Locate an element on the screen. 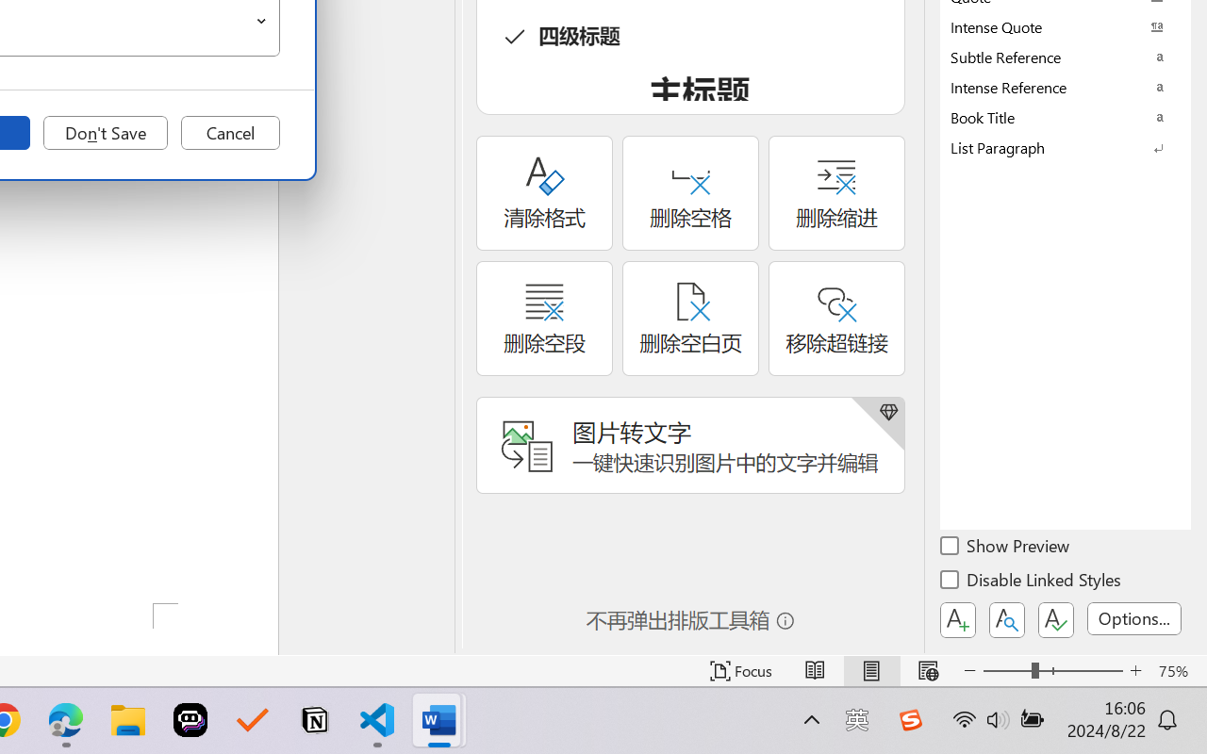 This screenshot has width=1207, height=754. 'Notion' is located at coordinates (315, 720).